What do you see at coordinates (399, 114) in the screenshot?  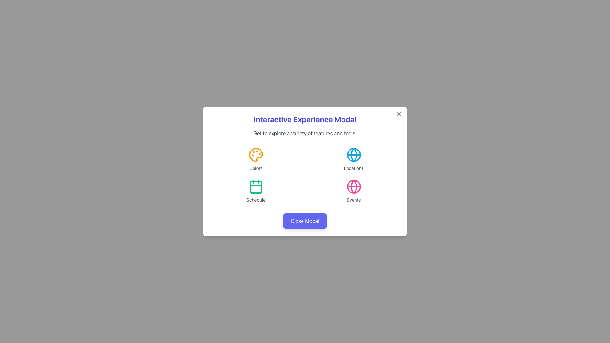 I see `the close button icon located at the top-right corner of the modal dialog to initiate the modal closing action` at bounding box center [399, 114].